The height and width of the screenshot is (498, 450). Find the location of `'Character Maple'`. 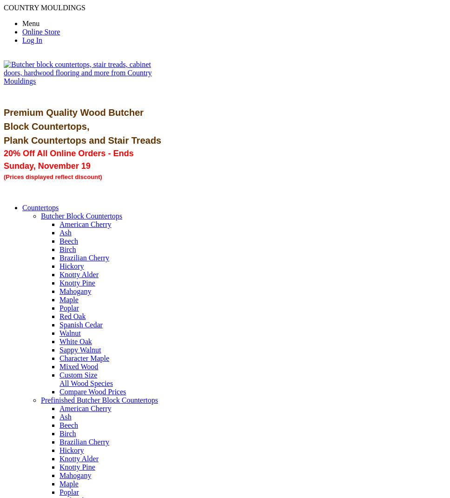

'Character Maple' is located at coordinates (84, 358).